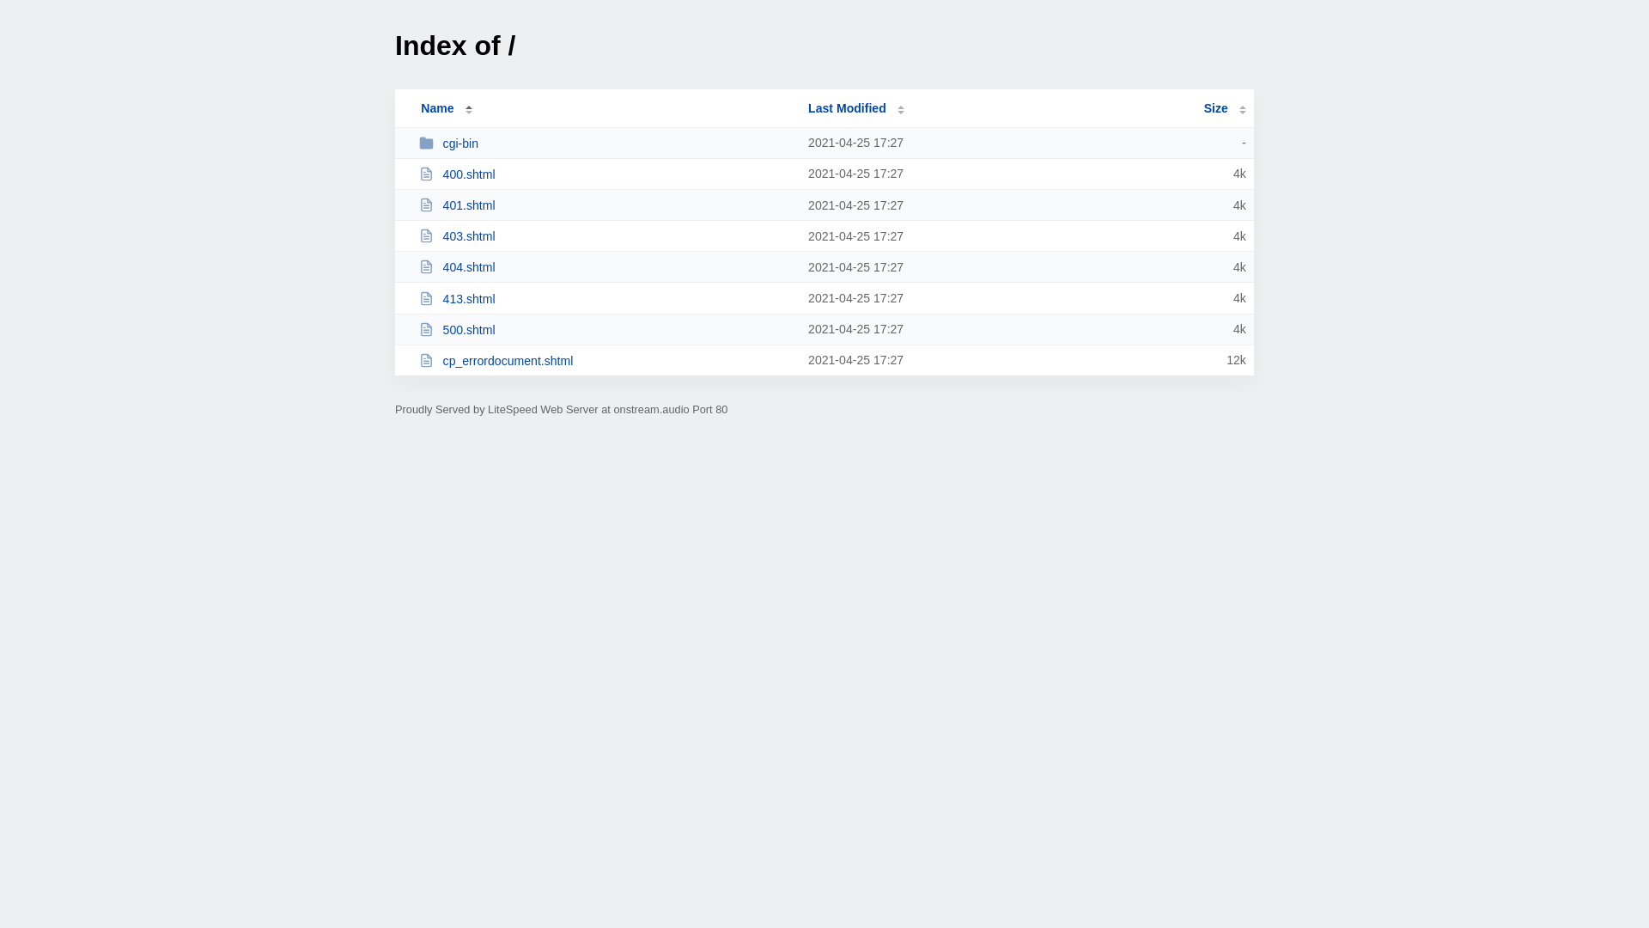  What do you see at coordinates (605, 174) in the screenshot?
I see `'400.shtml'` at bounding box center [605, 174].